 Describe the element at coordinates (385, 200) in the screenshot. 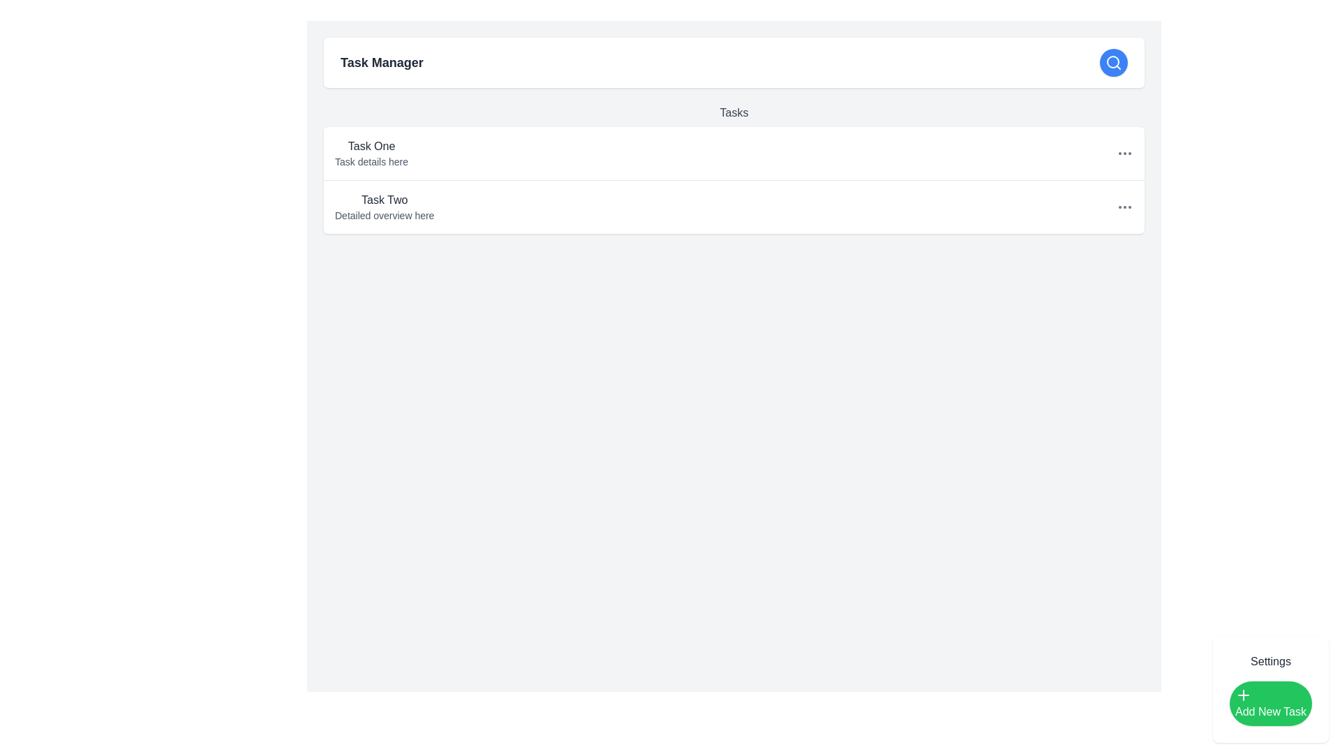

I see `the text display that serves as the title for the second task in the tasks list` at that location.